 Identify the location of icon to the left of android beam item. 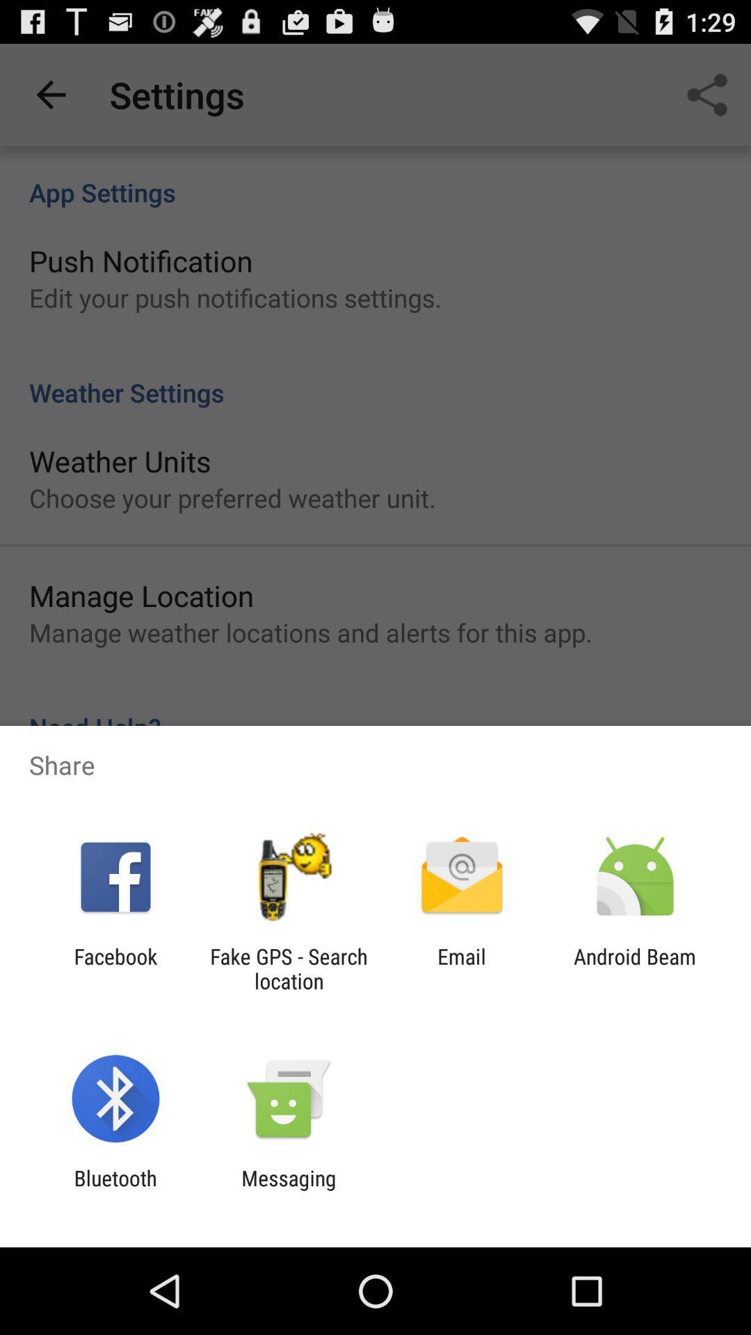
(462, 968).